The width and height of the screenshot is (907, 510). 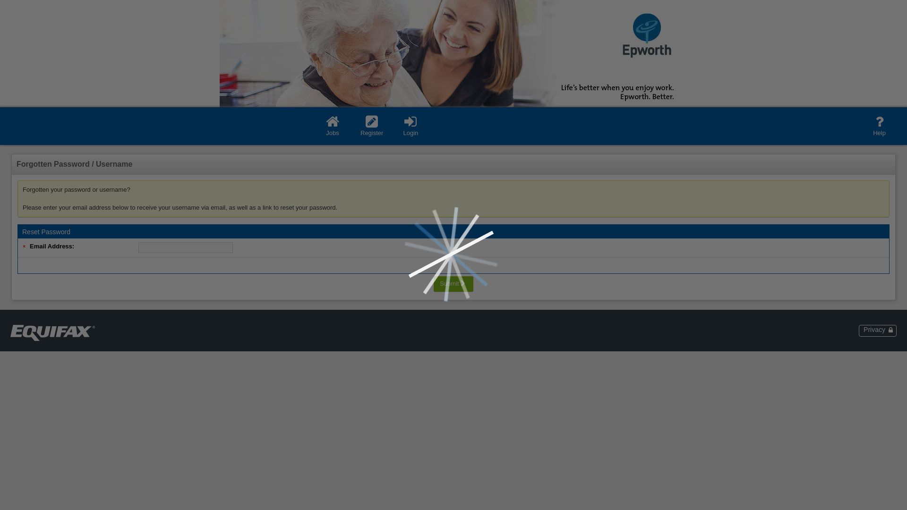 I want to click on 'Help', so click(x=879, y=125).